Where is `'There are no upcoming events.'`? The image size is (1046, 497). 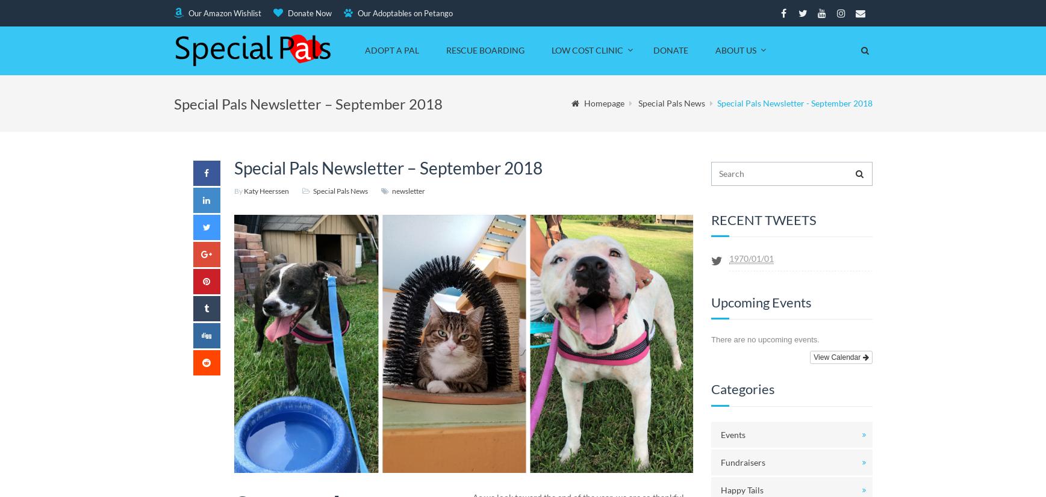
'There are no upcoming events.' is located at coordinates (765, 338).